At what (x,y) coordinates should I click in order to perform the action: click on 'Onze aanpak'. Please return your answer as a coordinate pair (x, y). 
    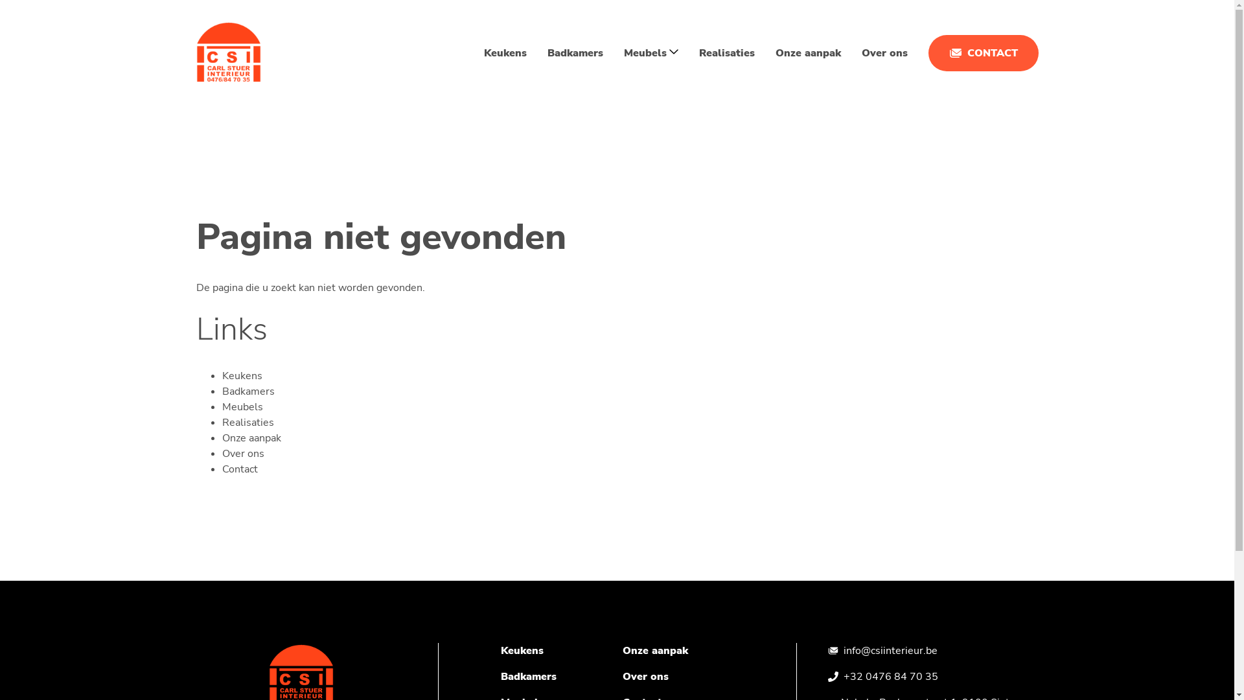
    Looking at the image, I should click on (251, 437).